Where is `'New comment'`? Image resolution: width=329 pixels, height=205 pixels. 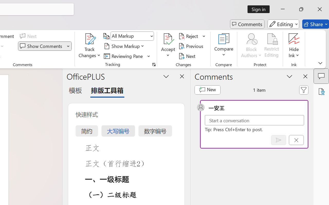
'New comment' is located at coordinates (207, 90).